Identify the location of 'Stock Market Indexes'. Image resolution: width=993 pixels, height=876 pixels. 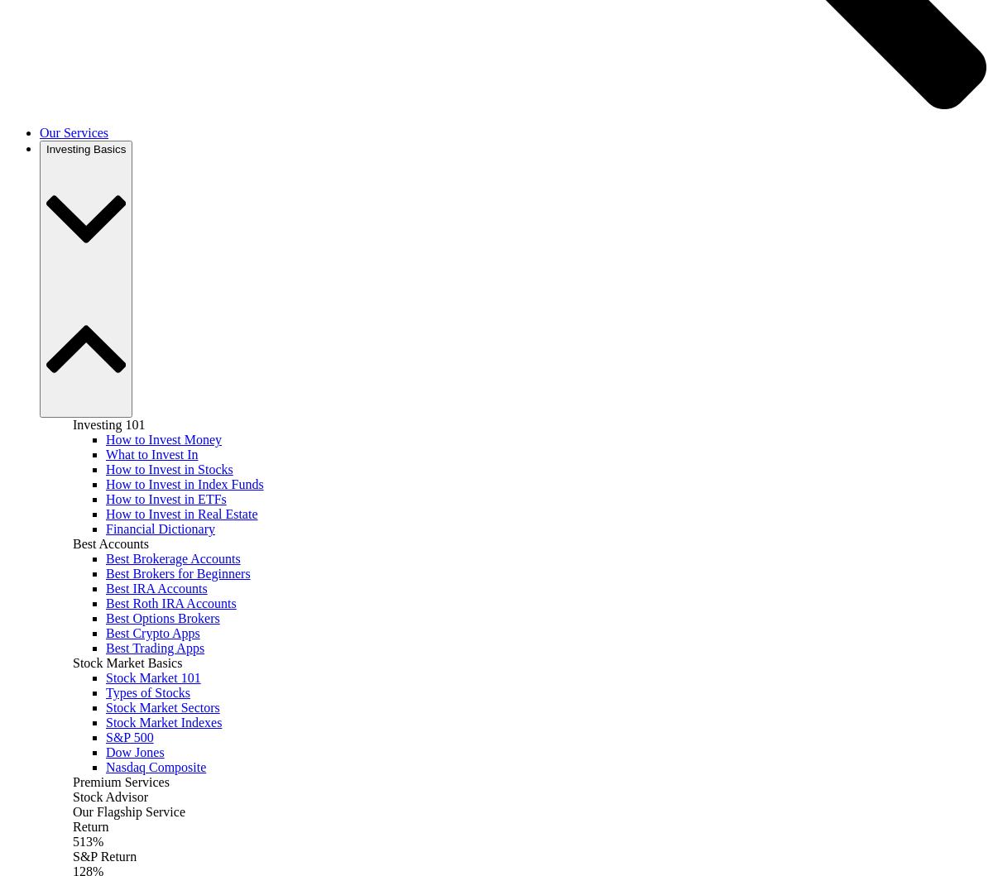
(163, 722).